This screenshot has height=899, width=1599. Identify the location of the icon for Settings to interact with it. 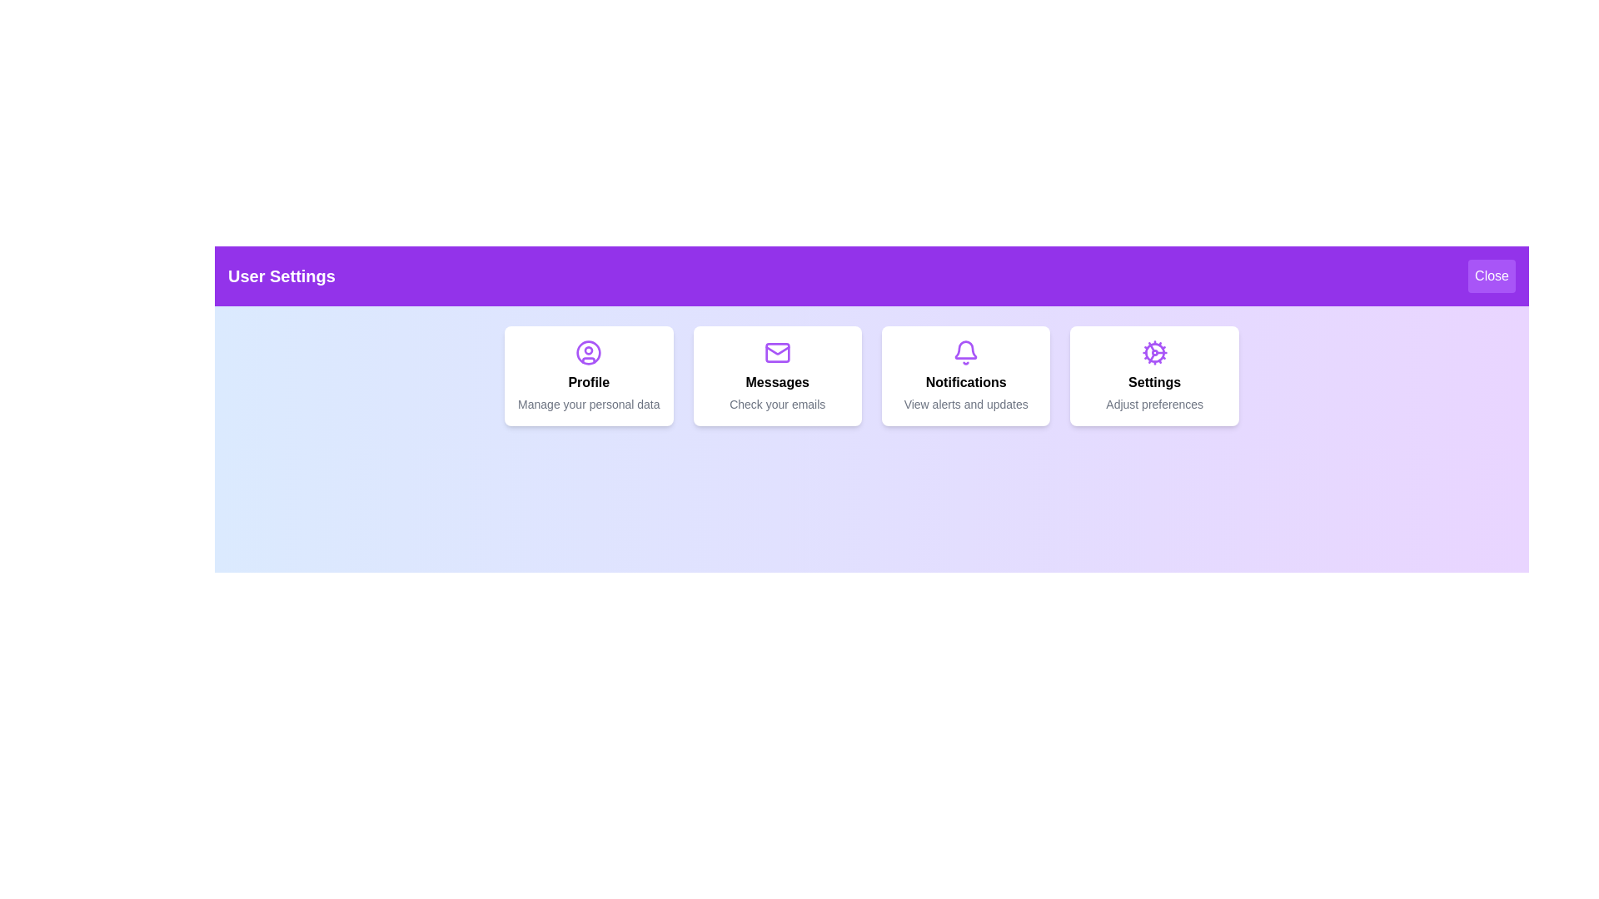
(1153, 352).